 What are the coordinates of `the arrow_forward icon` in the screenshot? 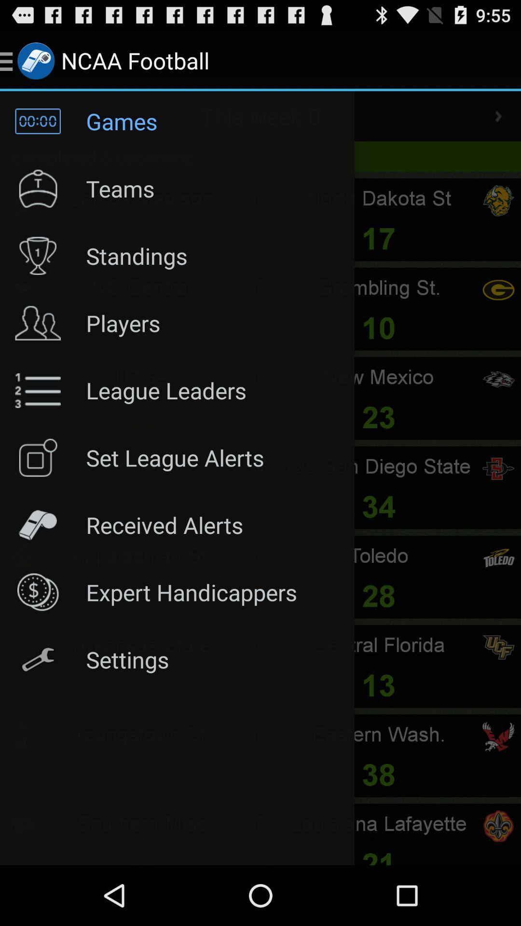 It's located at (498, 124).